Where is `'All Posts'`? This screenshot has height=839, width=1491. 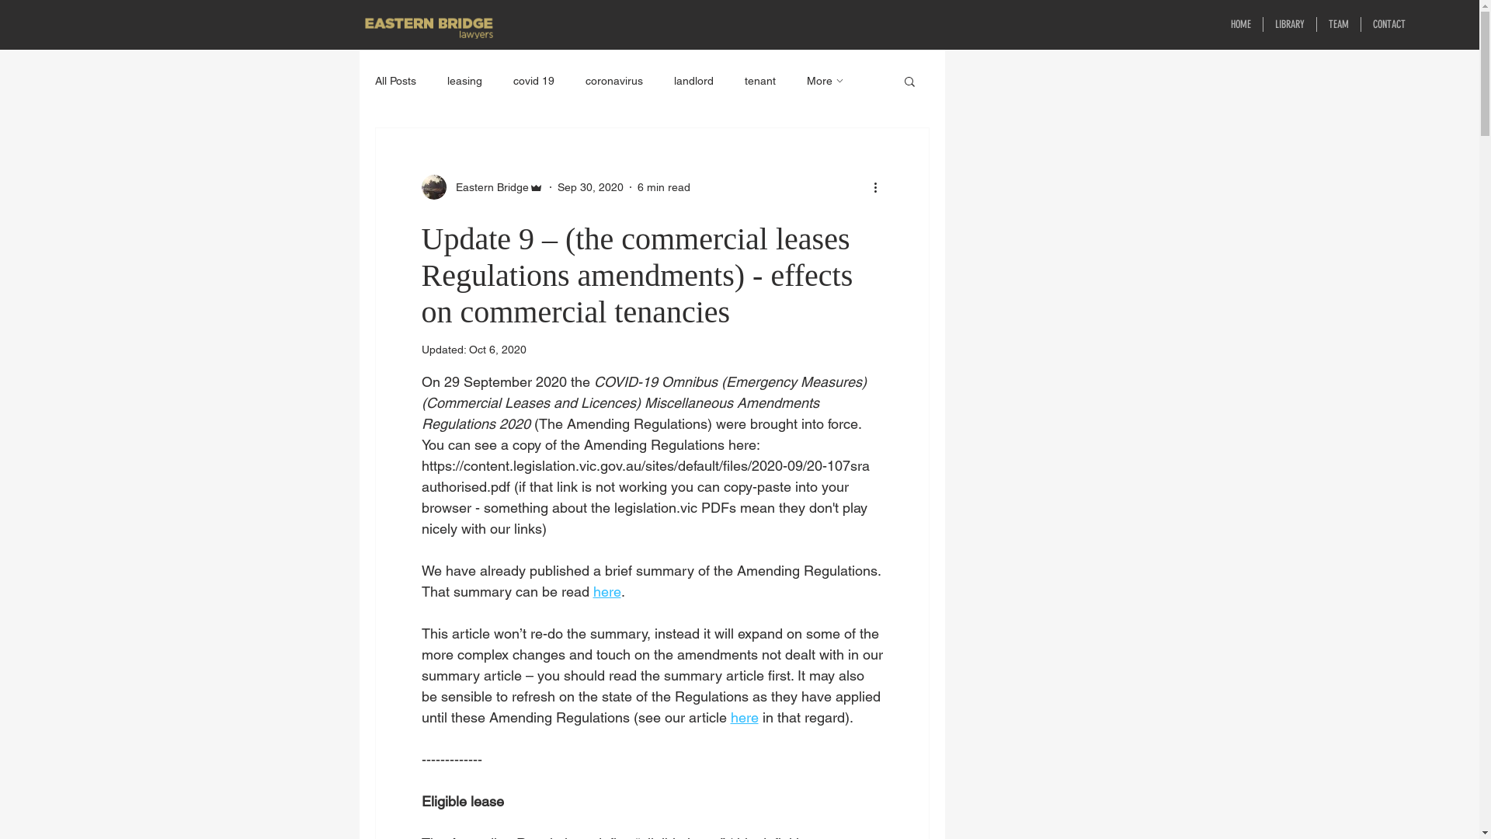
'All Posts' is located at coordinates (394, 81).